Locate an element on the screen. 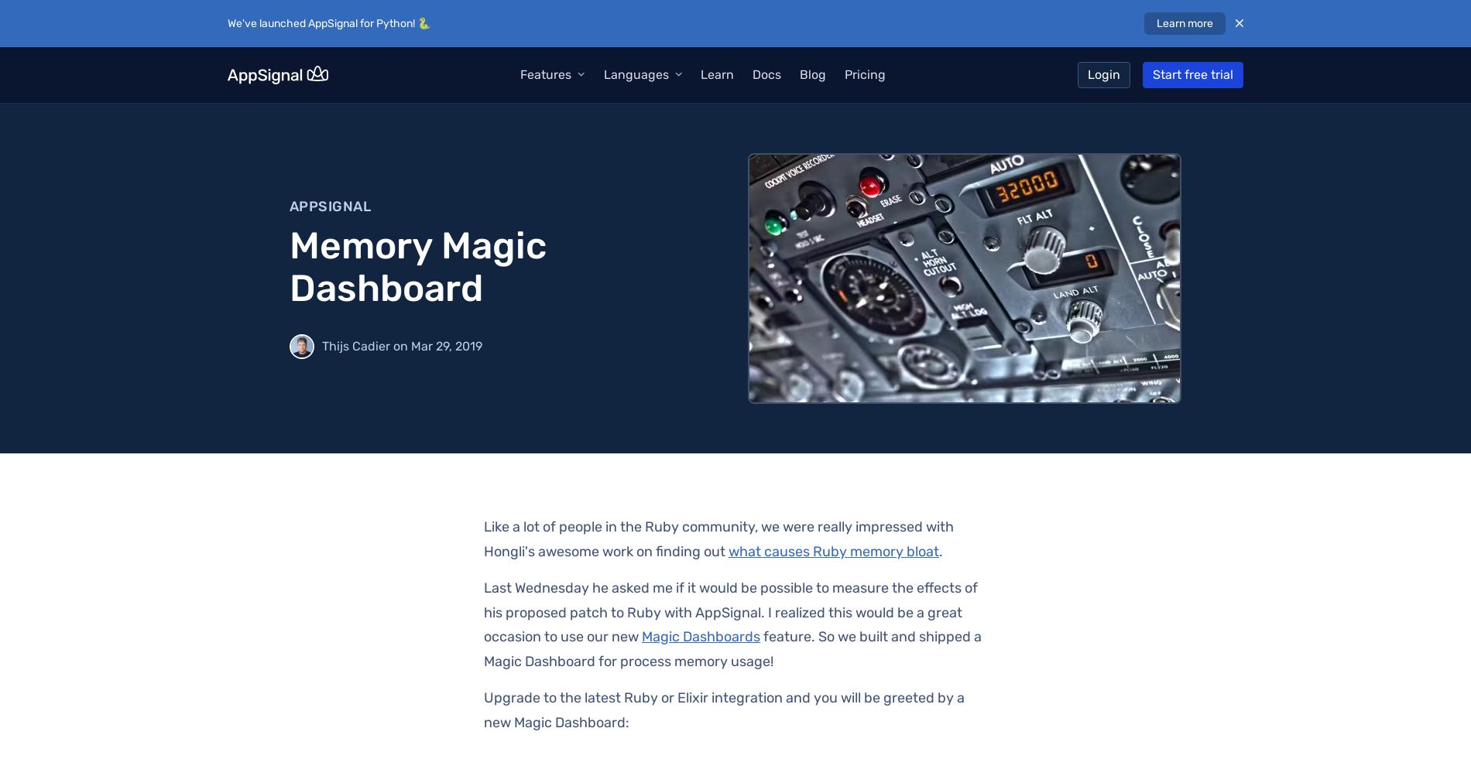 This screenshot has width=1471, height=759. 'Mar 29, 2019' is located at coordinates (411, 345).